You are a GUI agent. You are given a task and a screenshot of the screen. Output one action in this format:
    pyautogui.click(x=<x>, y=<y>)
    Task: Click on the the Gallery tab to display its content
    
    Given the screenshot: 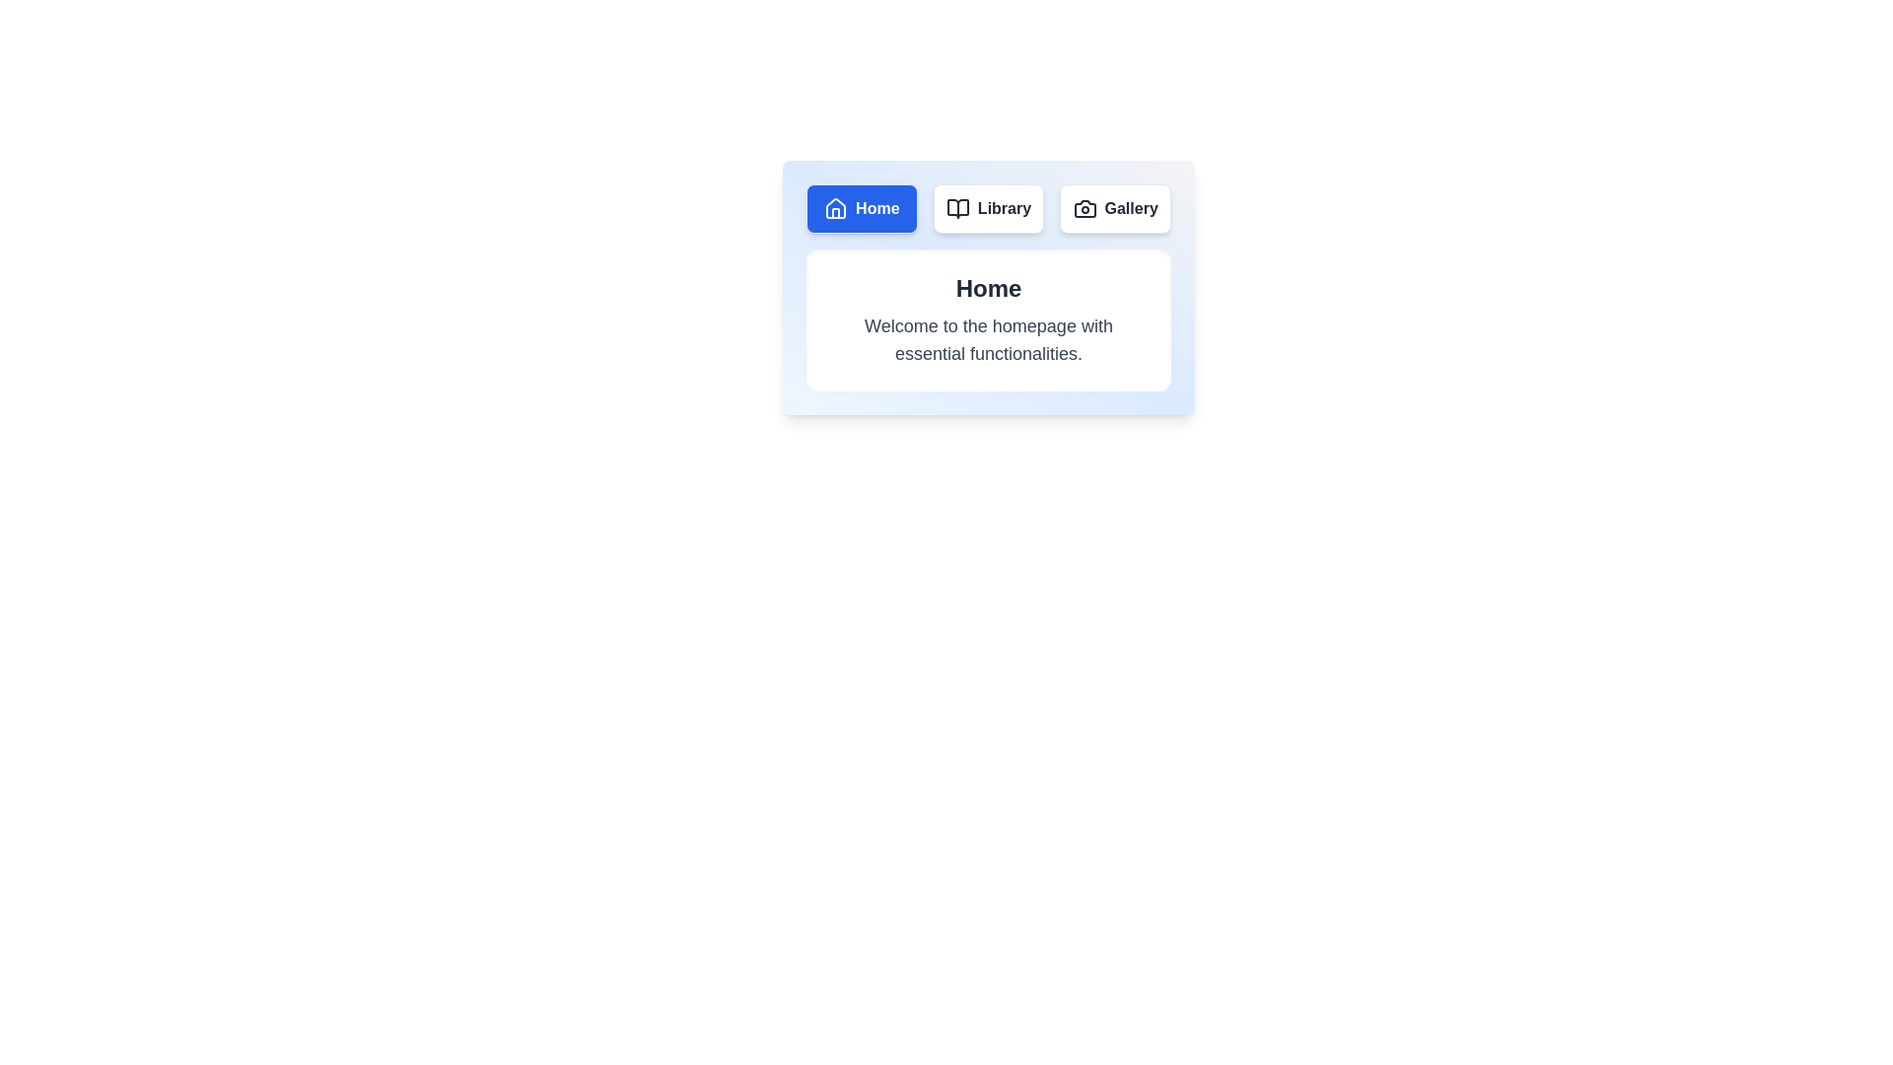 What is the action you would take?
    pyautogui.click(x=1115, y=209)
    